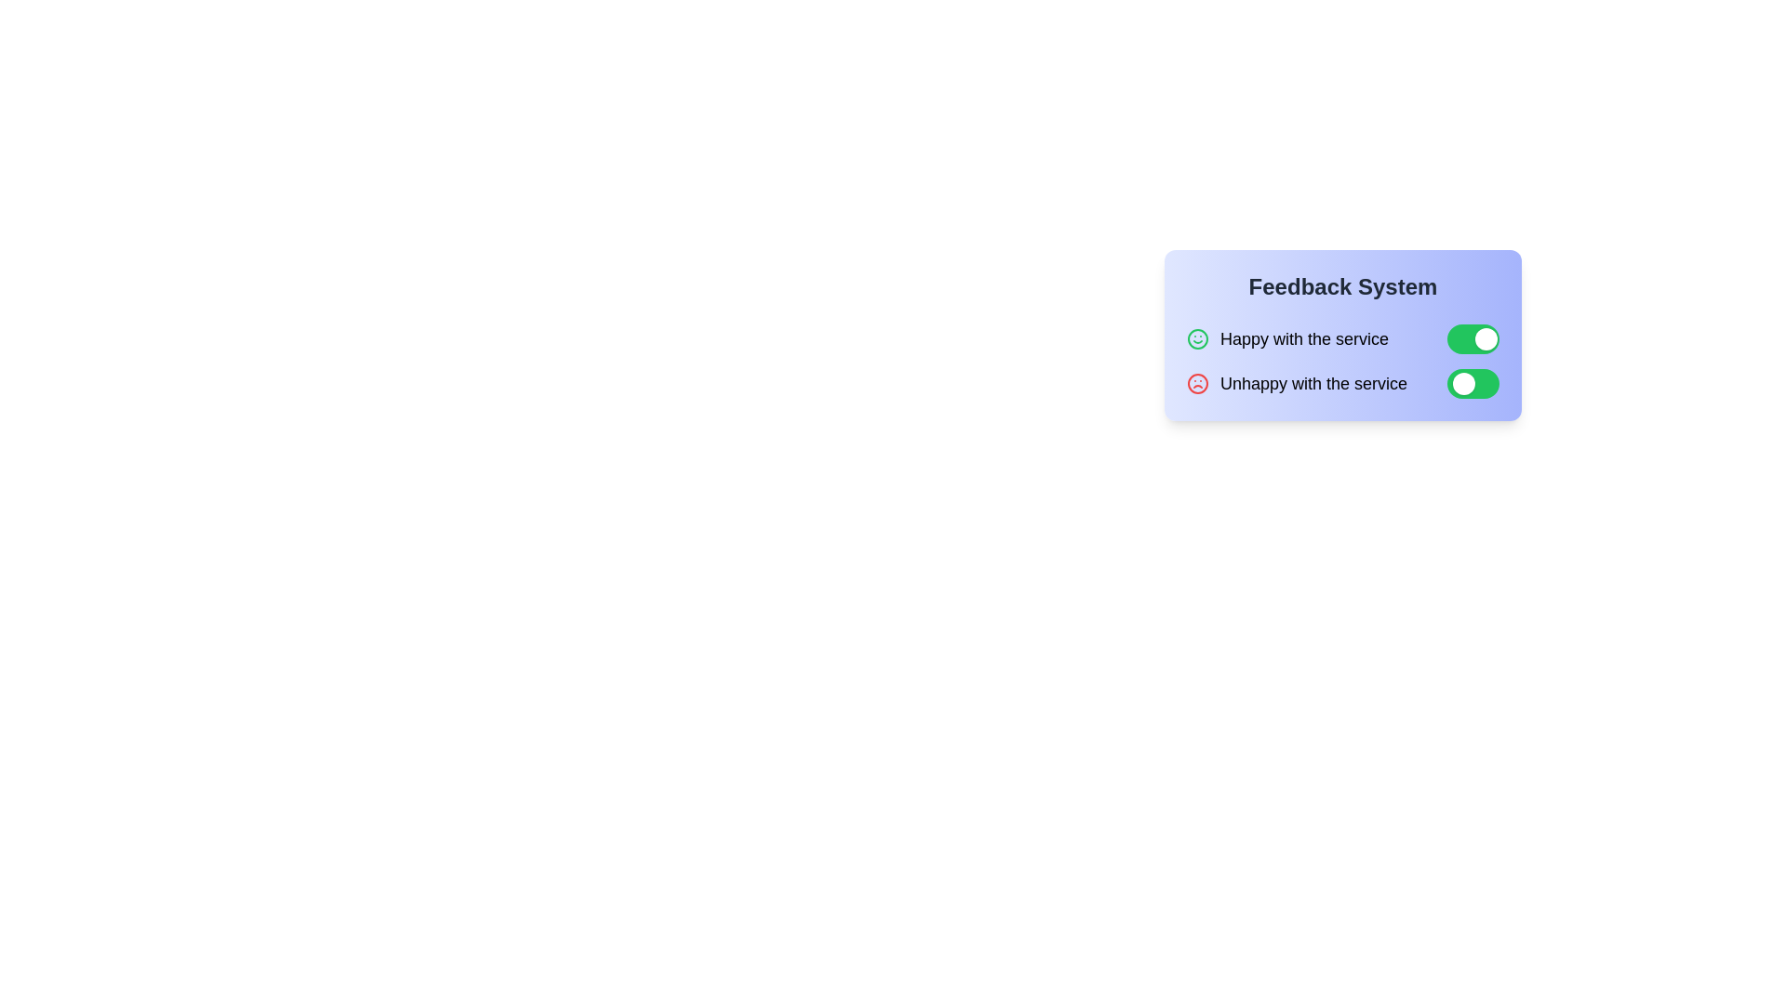  What do you see at coordinates (1197, 382) in the screenshot?
I see `the negative feedback icon representing dissatisfaction, located to the left of the 'Unhappy with the service' text label` at bounding box center [1197, 382].